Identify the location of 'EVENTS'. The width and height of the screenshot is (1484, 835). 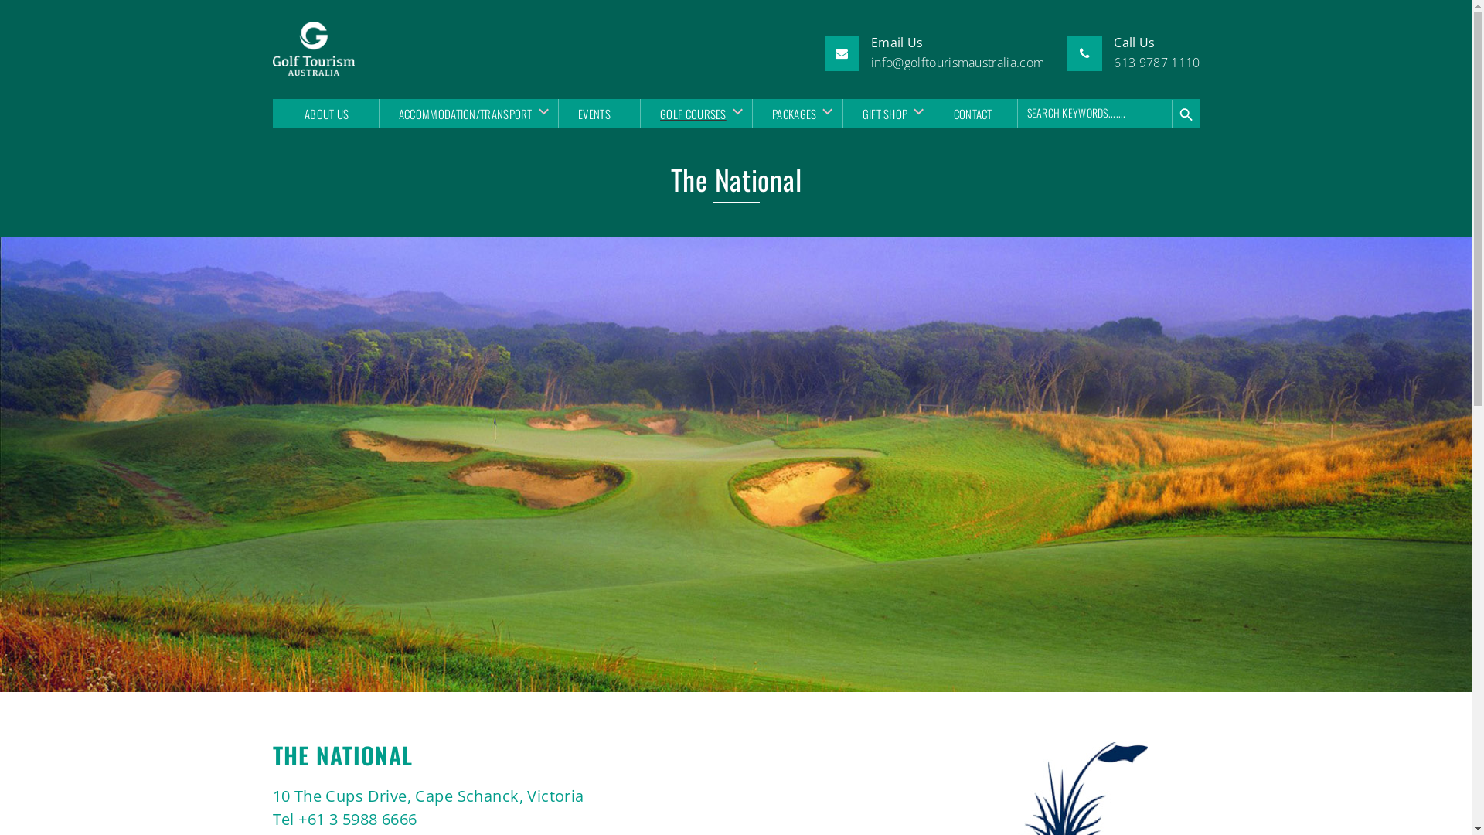
(593, 112).